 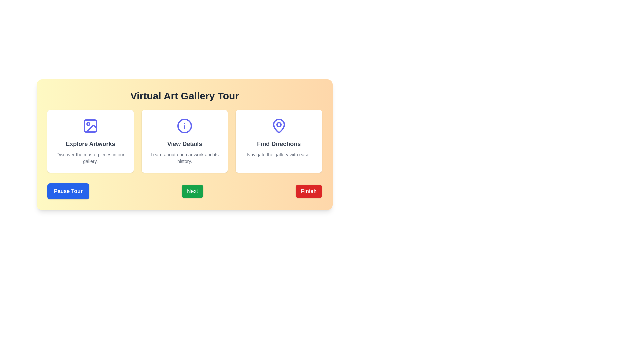 What do you see at coordinates (184, 126) in the screenshot?
I see `the Information icon located in the second card under the 'View Details' heading in the Virtual Art Gallery Tour interface` at bounding box center [184, 126].